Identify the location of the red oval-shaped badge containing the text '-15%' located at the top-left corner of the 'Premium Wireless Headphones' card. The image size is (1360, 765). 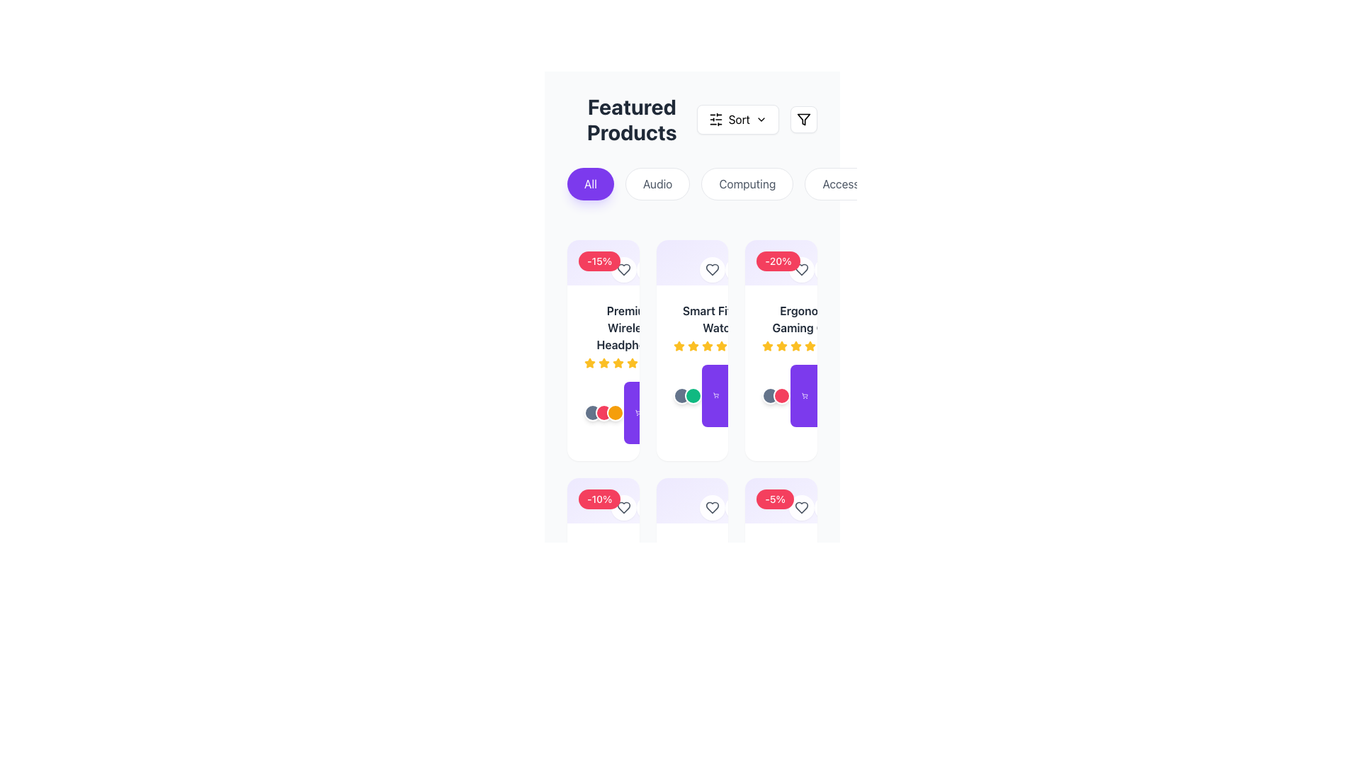
(603, 262).